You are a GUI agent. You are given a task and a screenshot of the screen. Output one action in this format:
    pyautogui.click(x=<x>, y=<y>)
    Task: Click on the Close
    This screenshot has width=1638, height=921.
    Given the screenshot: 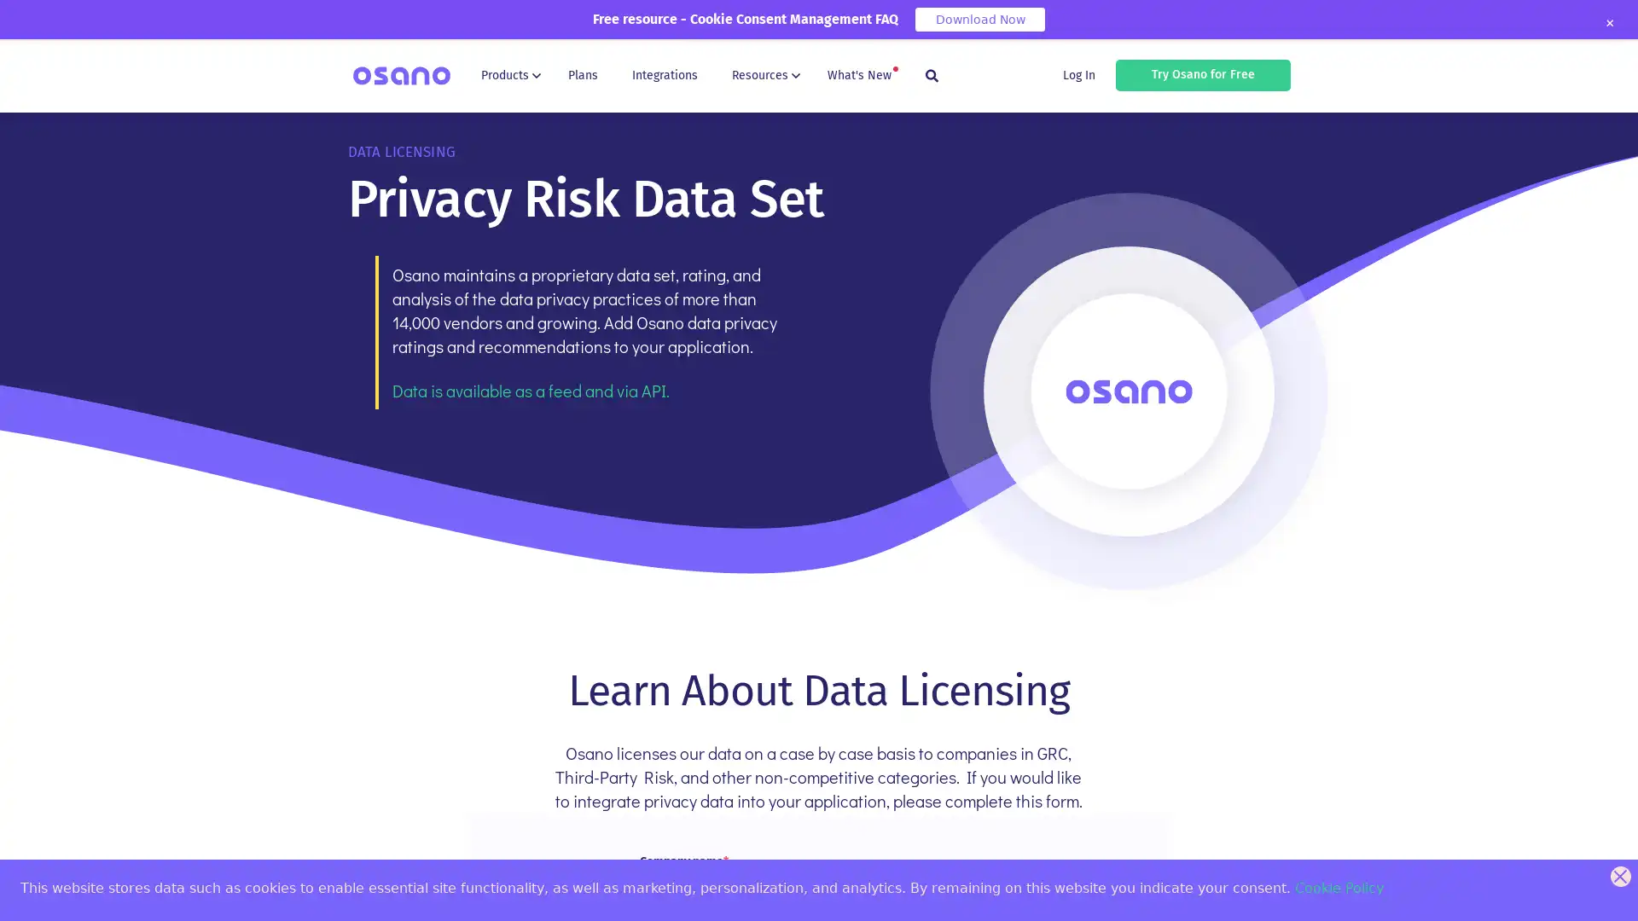 What is the action you would take?
    pyautogui.click(x=1608, y=23)
    